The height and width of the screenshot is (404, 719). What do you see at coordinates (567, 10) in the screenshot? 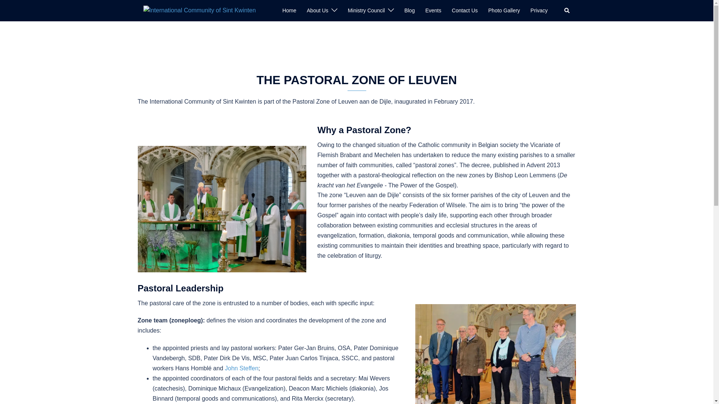
I see `'Search'` at bounding box center [567, 10].